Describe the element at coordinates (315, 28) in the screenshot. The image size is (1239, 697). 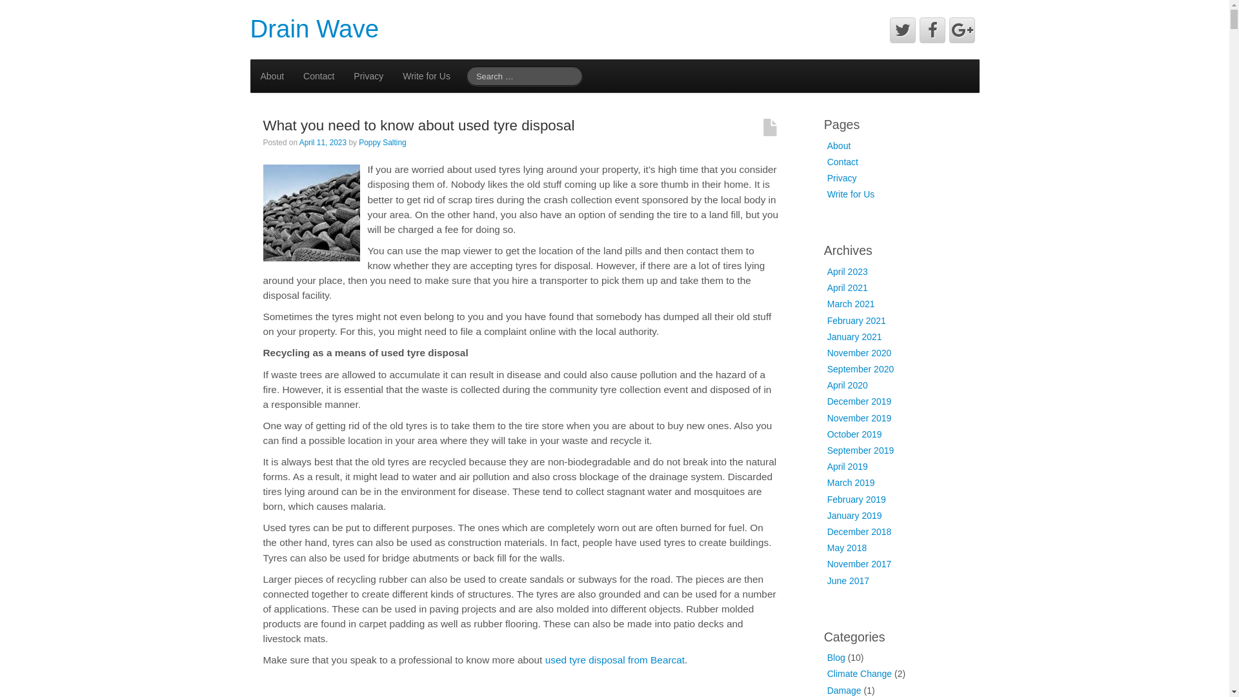
I see `'Drain Wave'` at that location.